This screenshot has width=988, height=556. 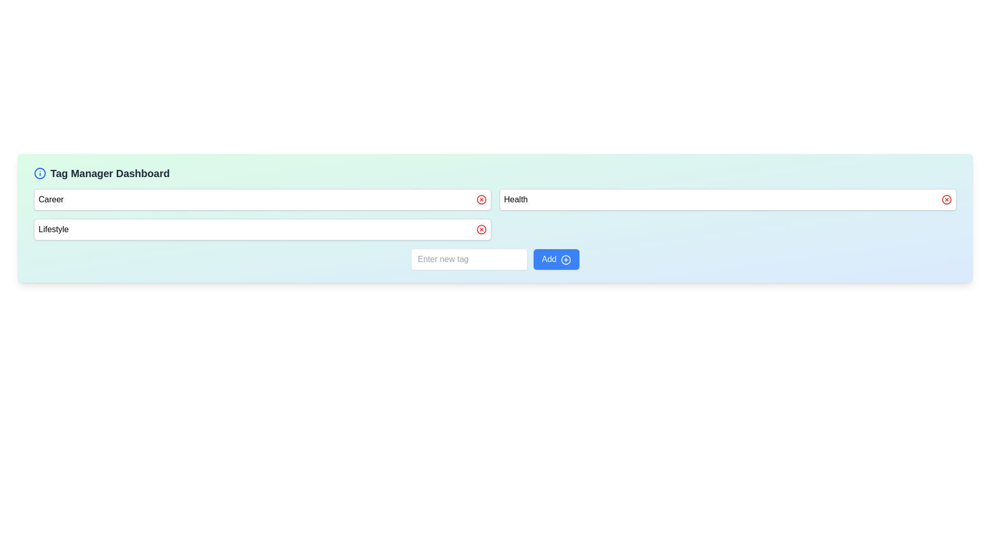 I want to click on the circular icon for deletion or clearing associated with the 'Health' tag, which is located on the right side of the input field, so click(x=481, y=200).